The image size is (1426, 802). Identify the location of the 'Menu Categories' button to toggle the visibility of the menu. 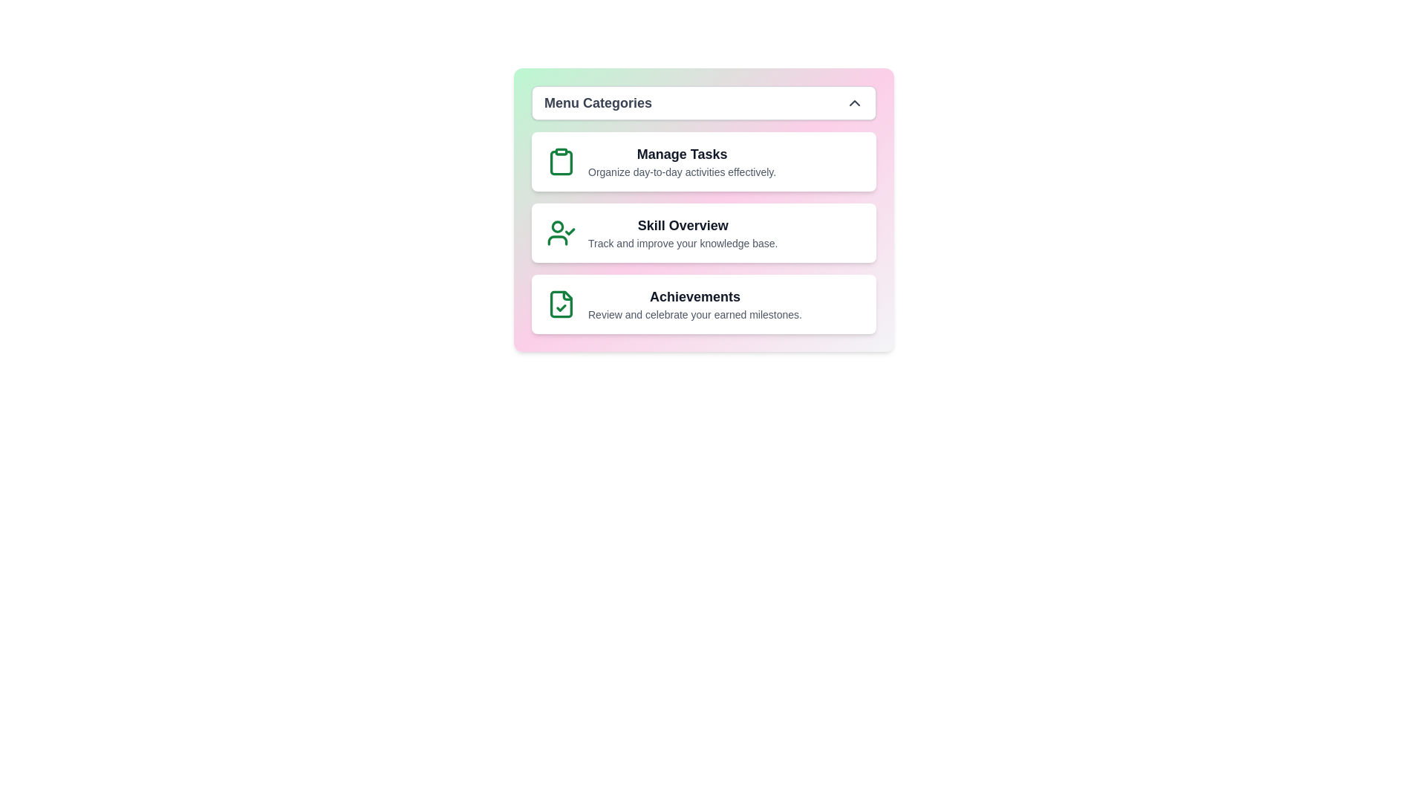
(703, 102).